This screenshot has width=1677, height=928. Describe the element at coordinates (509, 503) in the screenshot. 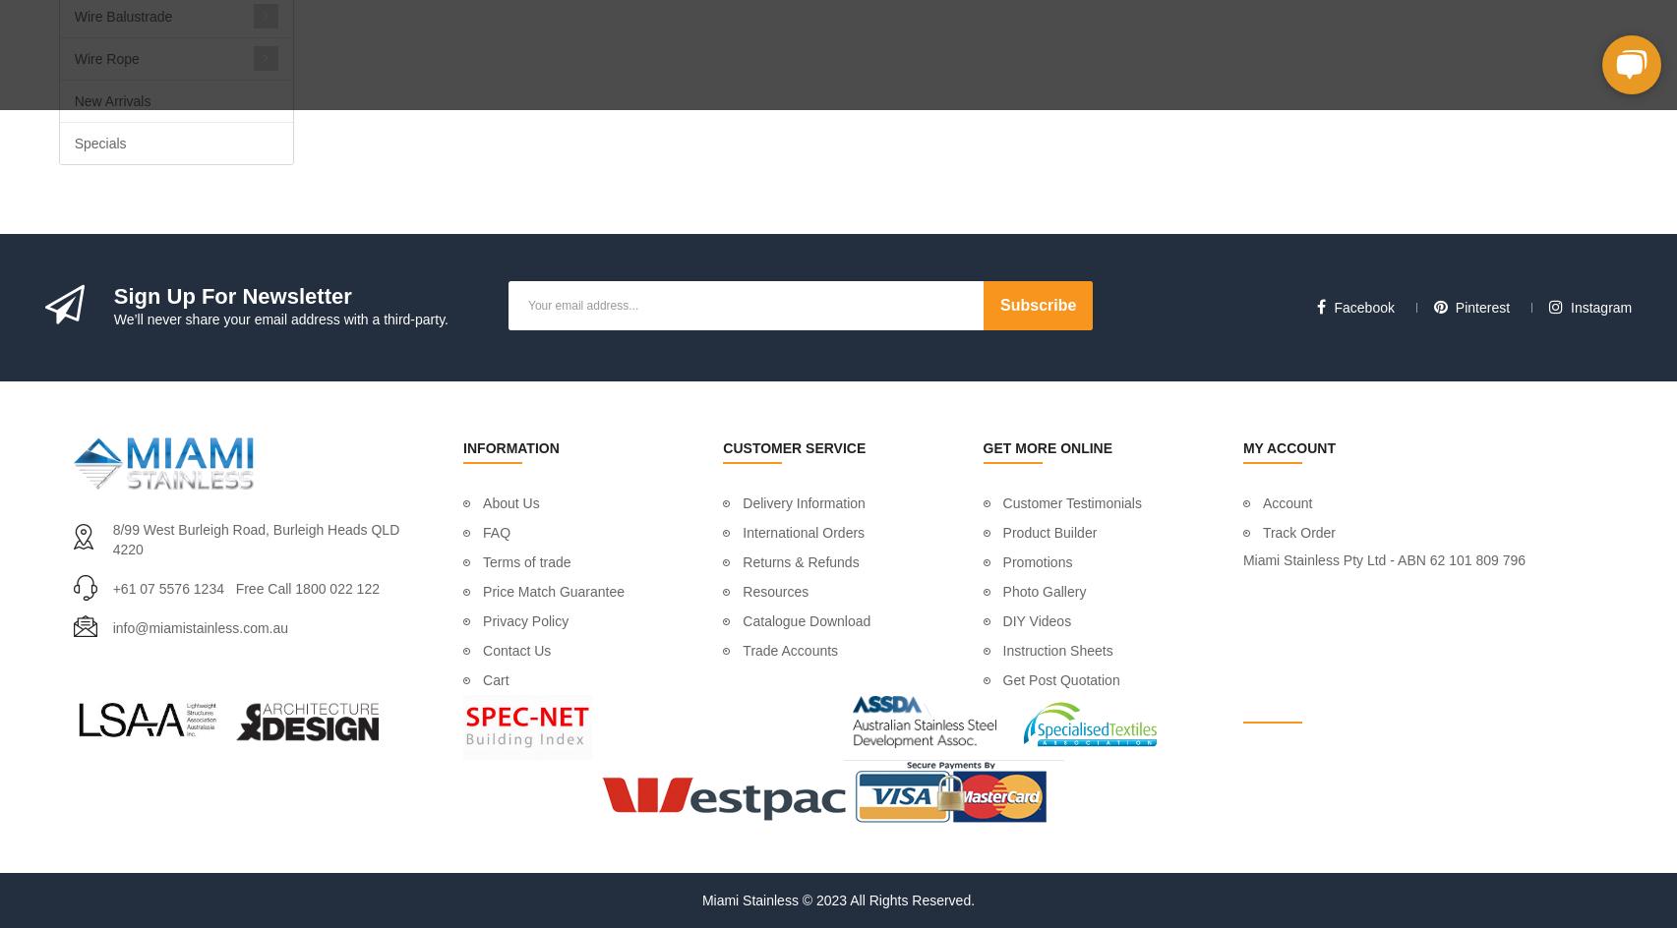

I see `'About Us'` at that location.